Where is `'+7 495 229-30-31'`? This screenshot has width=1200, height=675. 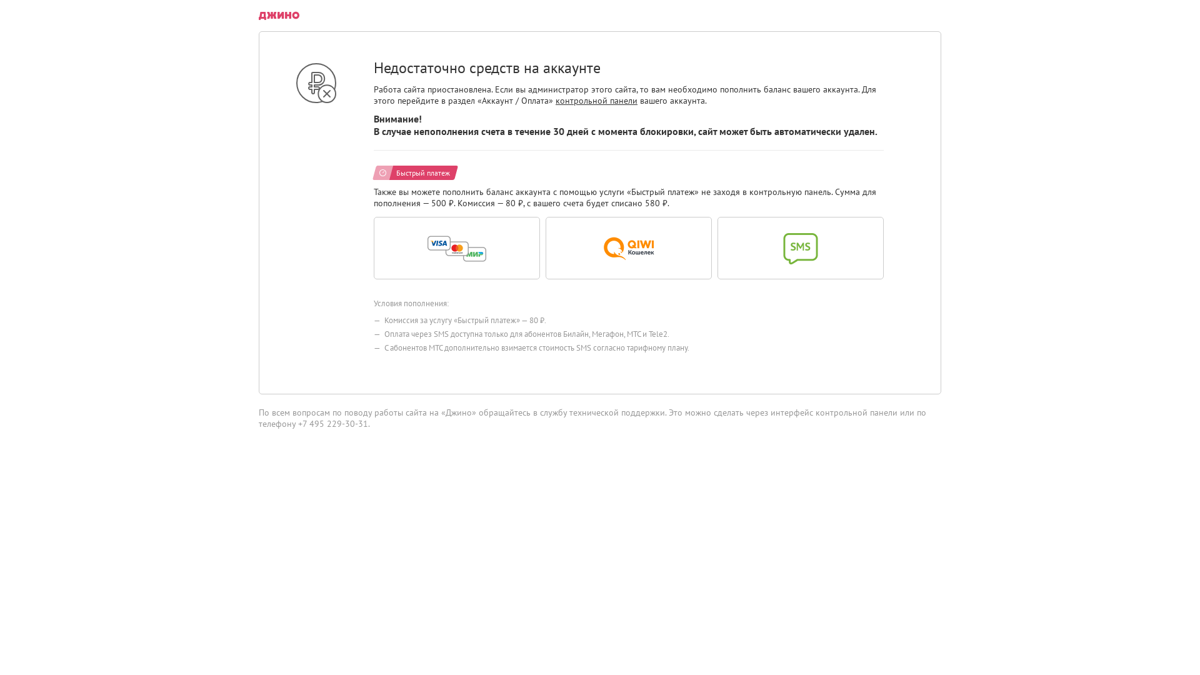
'+7 495 229-30-31' is located at coordinates (332, 423).